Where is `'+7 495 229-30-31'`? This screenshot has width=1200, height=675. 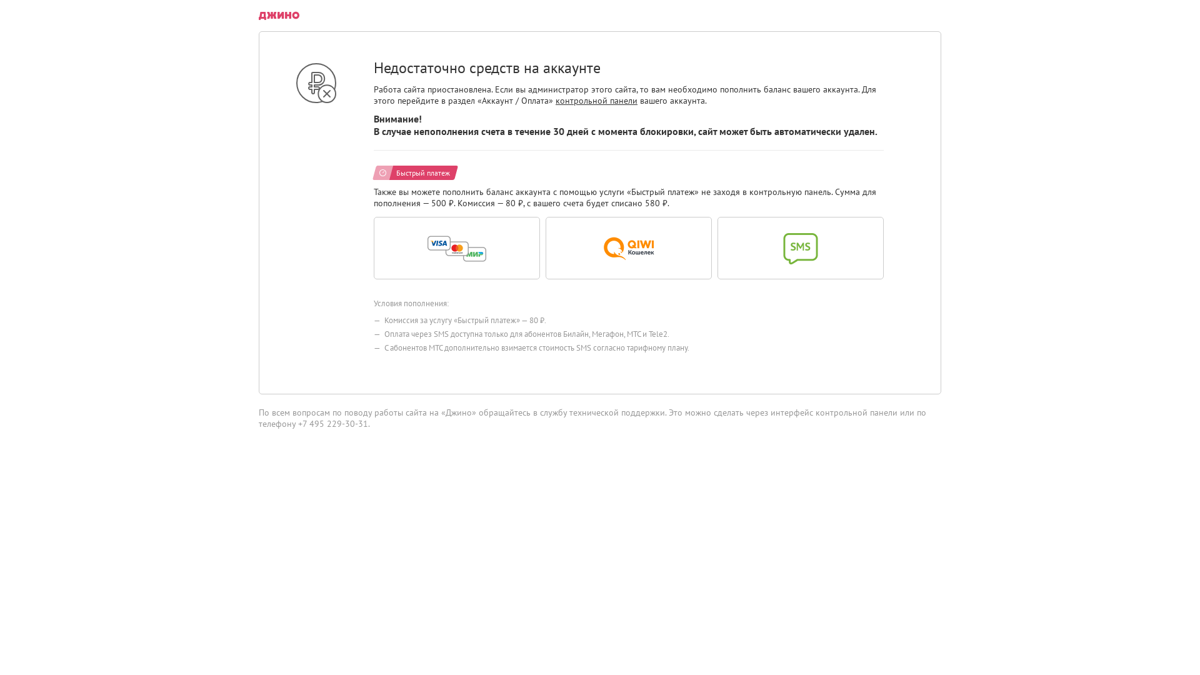
'+7 495 229-30-31' is located at coordinates (332, 423).